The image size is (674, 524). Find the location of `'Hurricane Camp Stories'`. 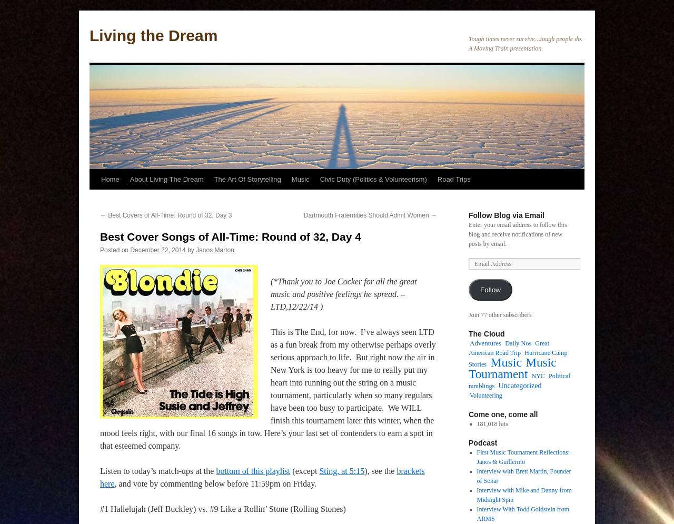

'Hurricane Camp Stories' is located at coordinates (468, 358).